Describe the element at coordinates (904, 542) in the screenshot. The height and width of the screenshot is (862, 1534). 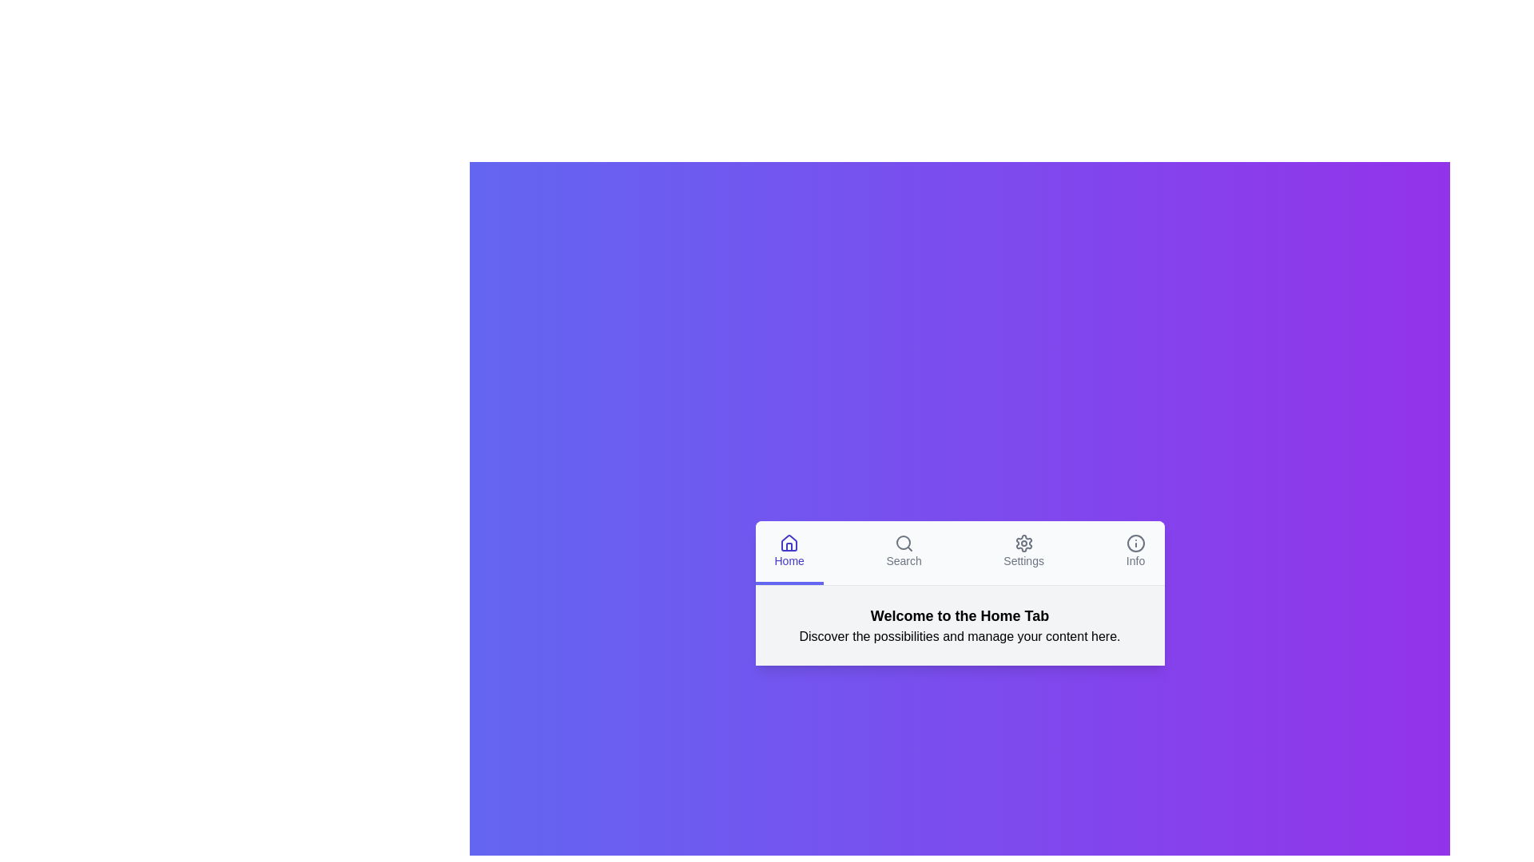
I see `the 'Search' icon located in the navigation bar, which signifies the functionality of searching within the application` at that location.